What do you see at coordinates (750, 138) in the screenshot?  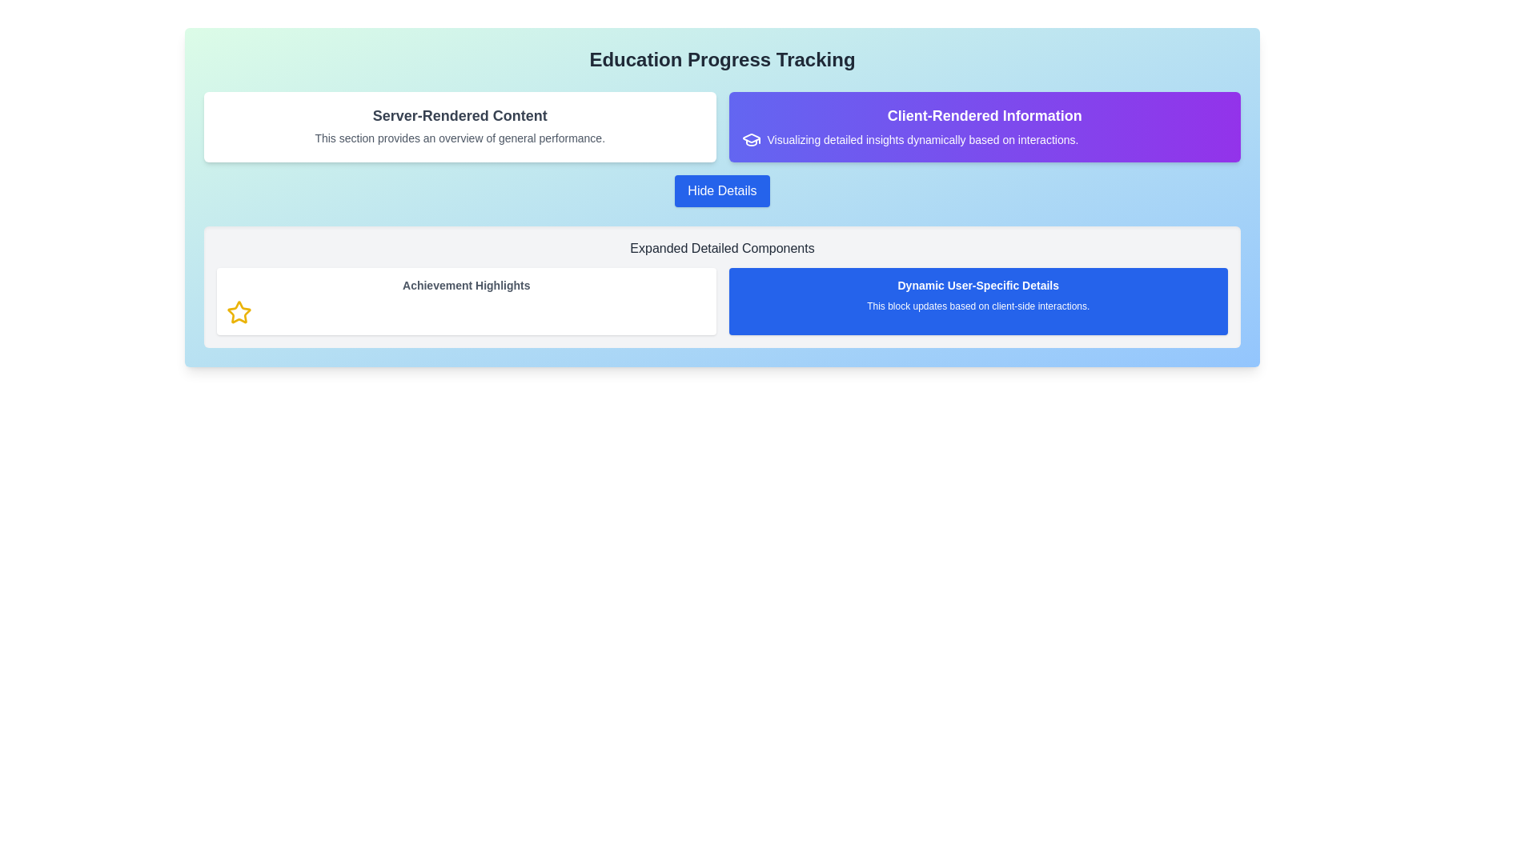 I see `the graduation cap icon next to the text 'Visualizing detailed insights dynamically based on interactions.' as a visual cue` at bounding box center [750, 138].